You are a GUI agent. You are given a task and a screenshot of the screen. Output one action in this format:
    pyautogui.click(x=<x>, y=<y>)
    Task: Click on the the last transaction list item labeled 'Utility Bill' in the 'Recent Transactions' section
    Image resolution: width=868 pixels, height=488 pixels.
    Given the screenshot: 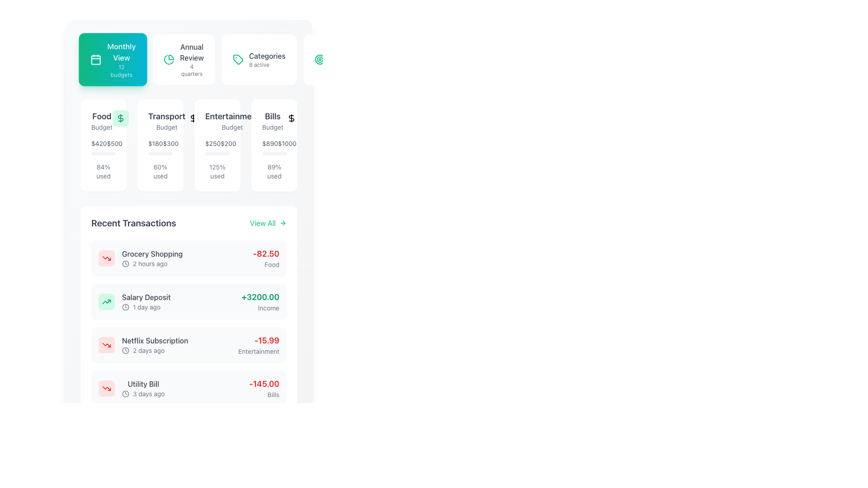 What is the action you would take?
    pyautogui.click(x=143, y=388)
    